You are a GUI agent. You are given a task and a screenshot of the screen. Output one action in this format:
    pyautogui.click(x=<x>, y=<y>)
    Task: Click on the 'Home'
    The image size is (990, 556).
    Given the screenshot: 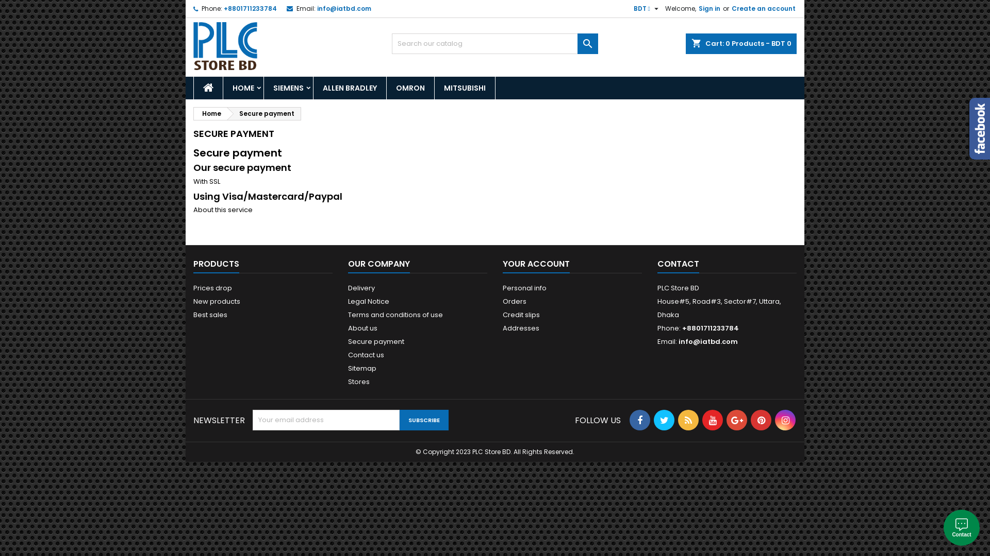 What is the action you would take?
    pyautogui.click(x=209, y=113)
    